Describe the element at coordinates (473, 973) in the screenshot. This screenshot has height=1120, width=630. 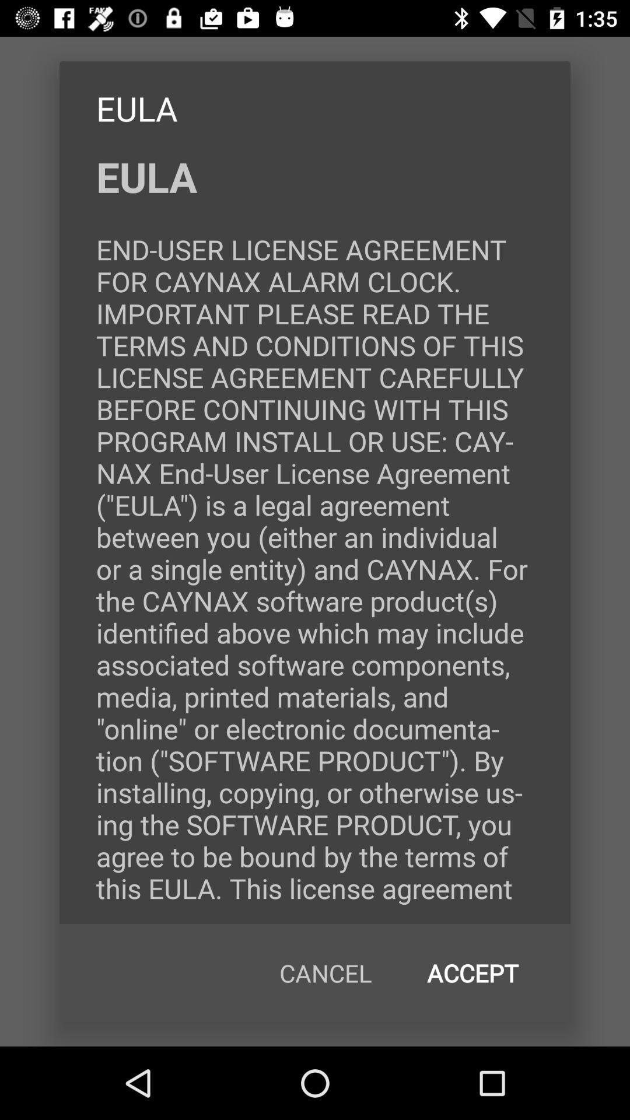
I see `button to the right of the cancel button` at that location.